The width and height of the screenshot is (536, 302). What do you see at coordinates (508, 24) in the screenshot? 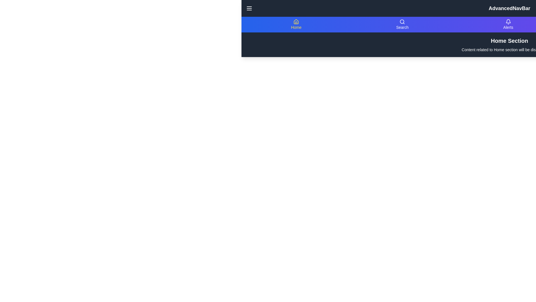
I see `the navigation item labeled Alerts to view its content` at bounding box center [508, 24].